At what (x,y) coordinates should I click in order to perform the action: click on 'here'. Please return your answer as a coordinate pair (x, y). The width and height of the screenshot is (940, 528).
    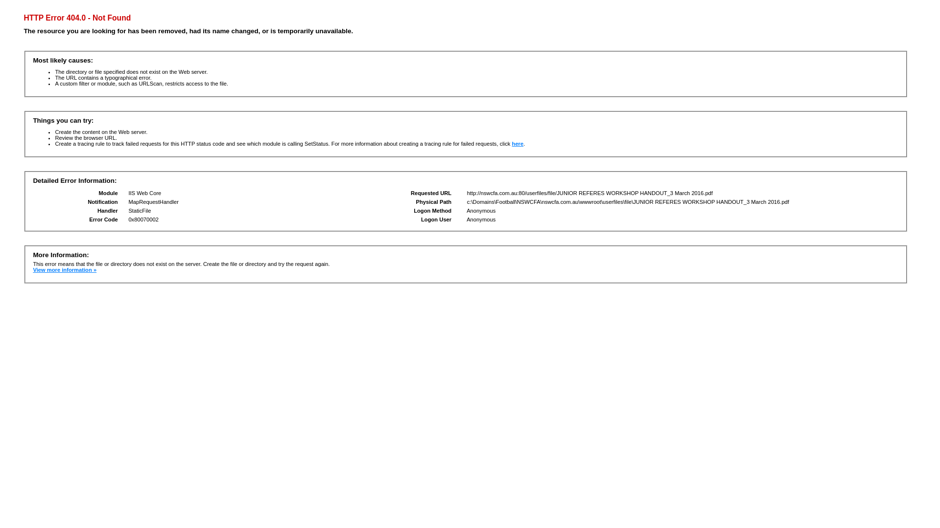
    Looking at the image, I should click on (517, 143).